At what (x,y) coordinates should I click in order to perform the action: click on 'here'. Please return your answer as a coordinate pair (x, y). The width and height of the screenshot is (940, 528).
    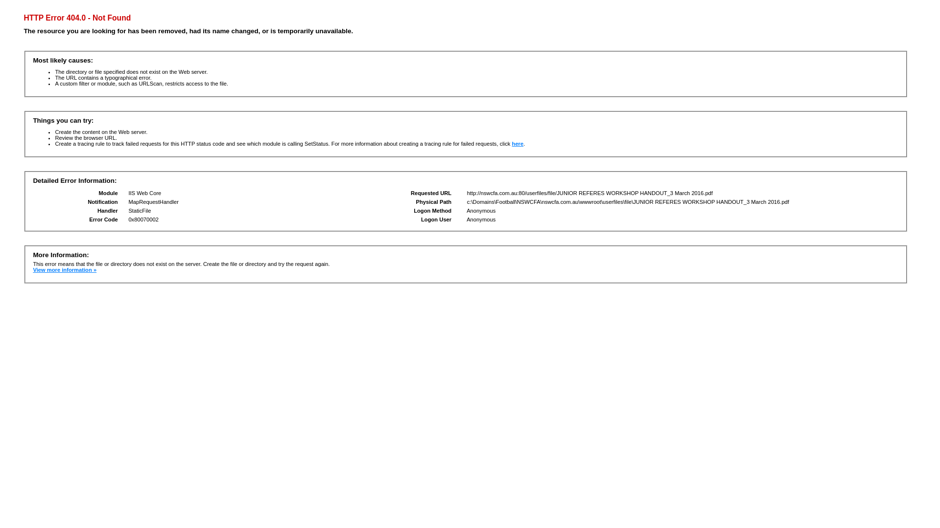
    Looking at the image, I should click on (517, 143).